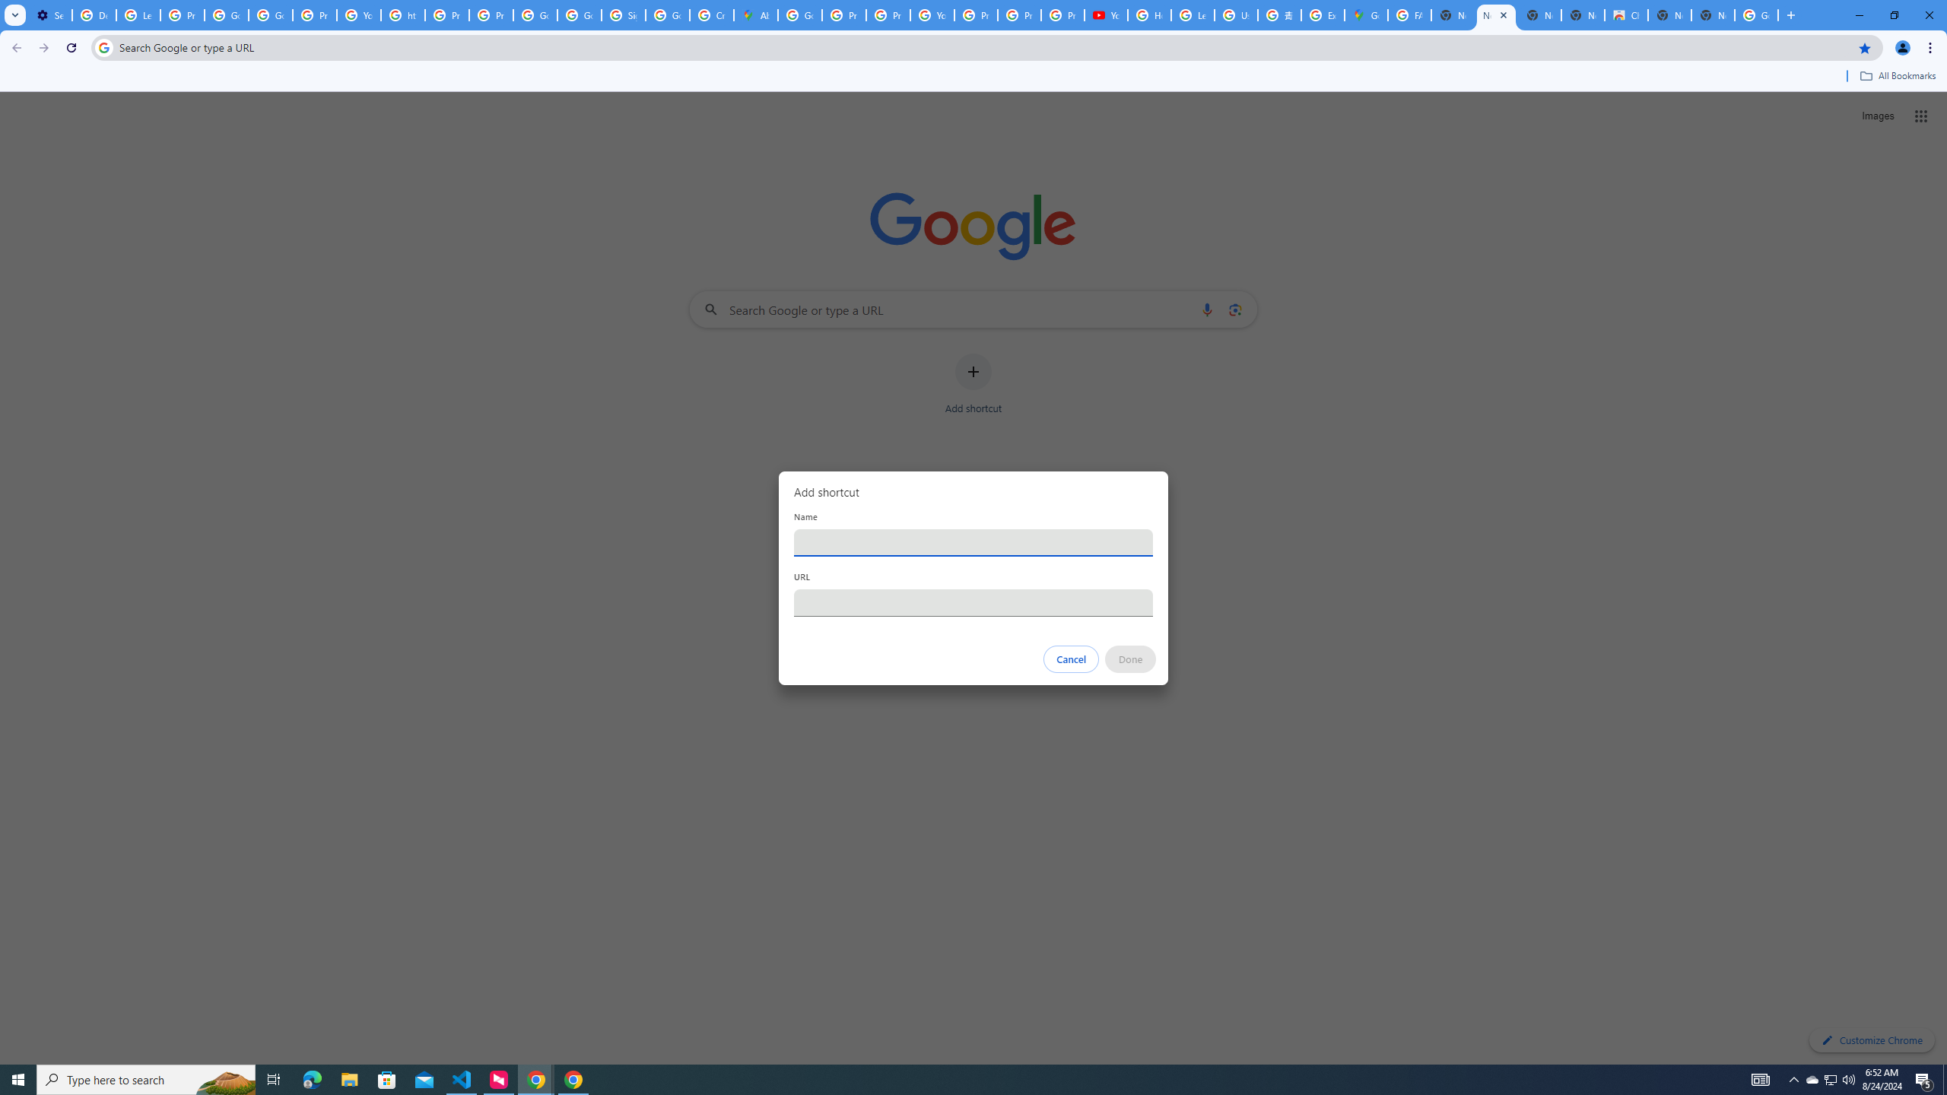  What do you see at coordinates (1757, 14) in the screenshot?
I see `'Google Images'` at bounding box center [1757, 14].